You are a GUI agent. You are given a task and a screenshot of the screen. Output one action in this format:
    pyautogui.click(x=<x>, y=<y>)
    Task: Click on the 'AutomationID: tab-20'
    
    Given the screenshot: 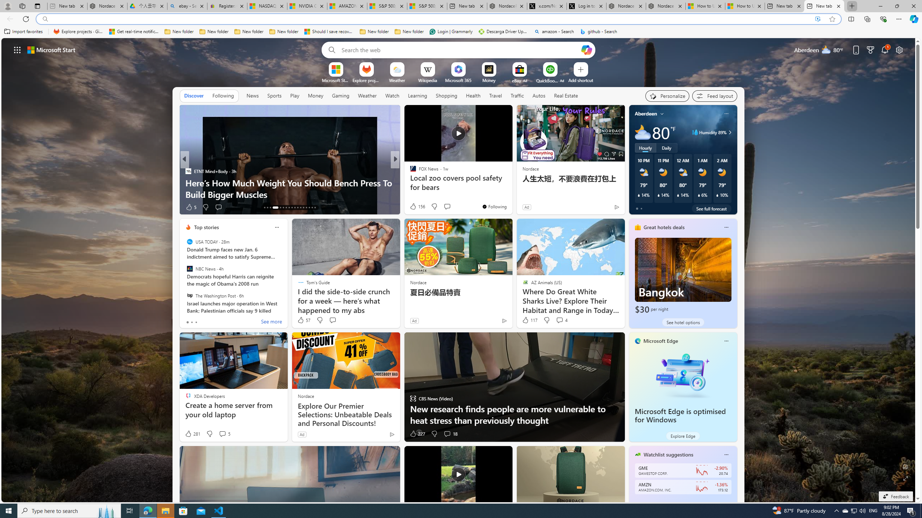 What is the action you would take?
    pyautogui.click(x=289, y=208)
    